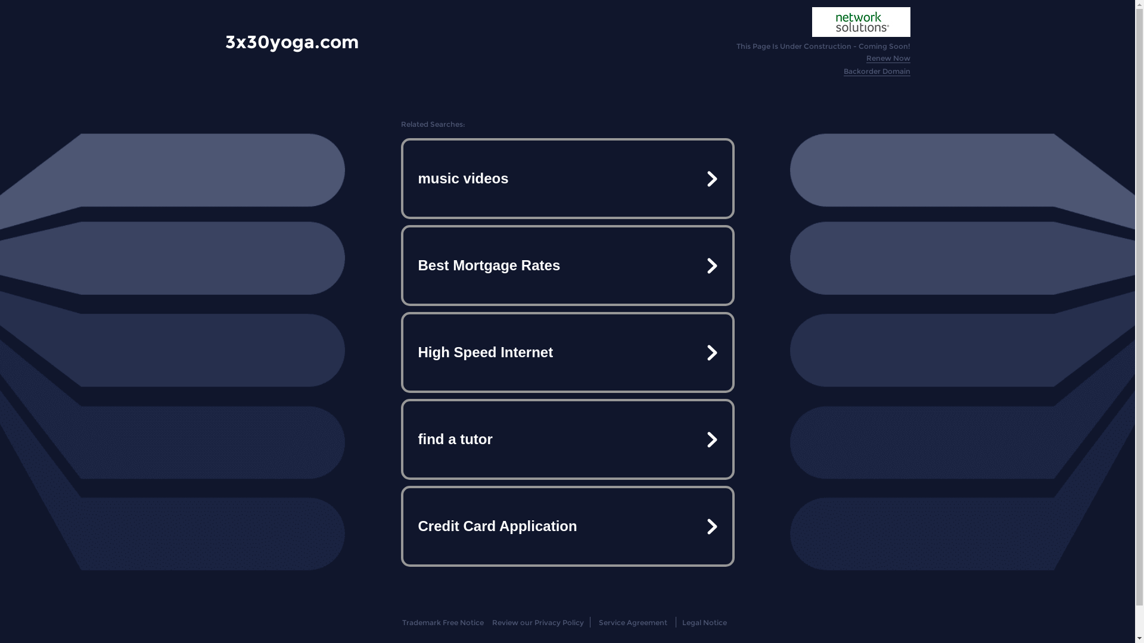 This screenshot has height=643, width=1144. Describe the element at coordinates (566, 179) in the screenshot. I see `'music videos'` at that location.